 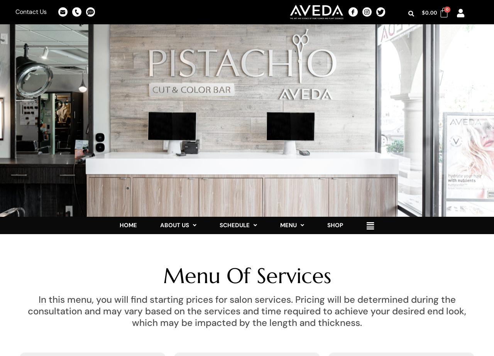 What do you see at coordinates (119, 224) in the screenshot?
I see `'HOME'` at bounding box center [119, 224].